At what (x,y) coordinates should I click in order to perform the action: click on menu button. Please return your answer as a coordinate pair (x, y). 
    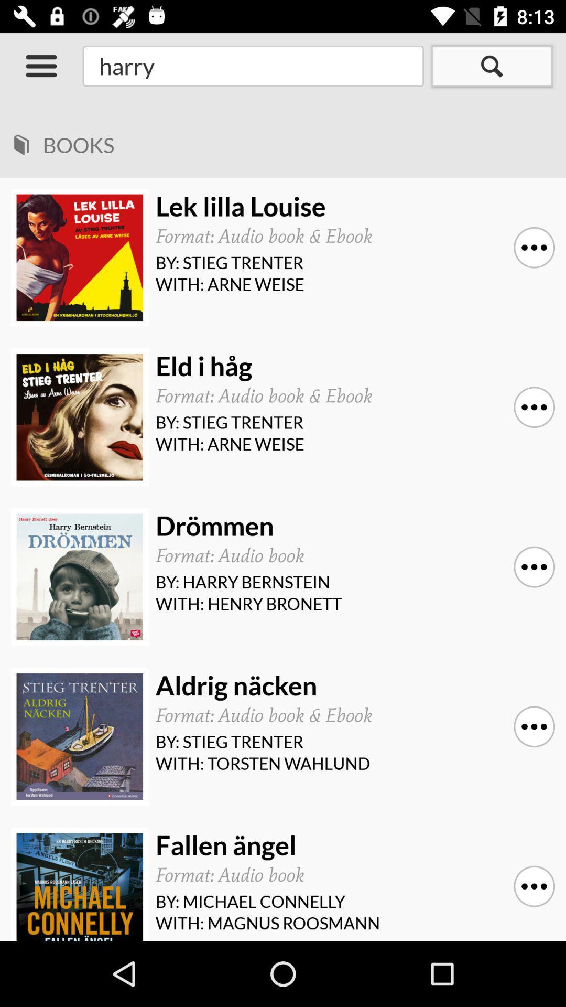
    Looking at the image, I should click on (40, 65).